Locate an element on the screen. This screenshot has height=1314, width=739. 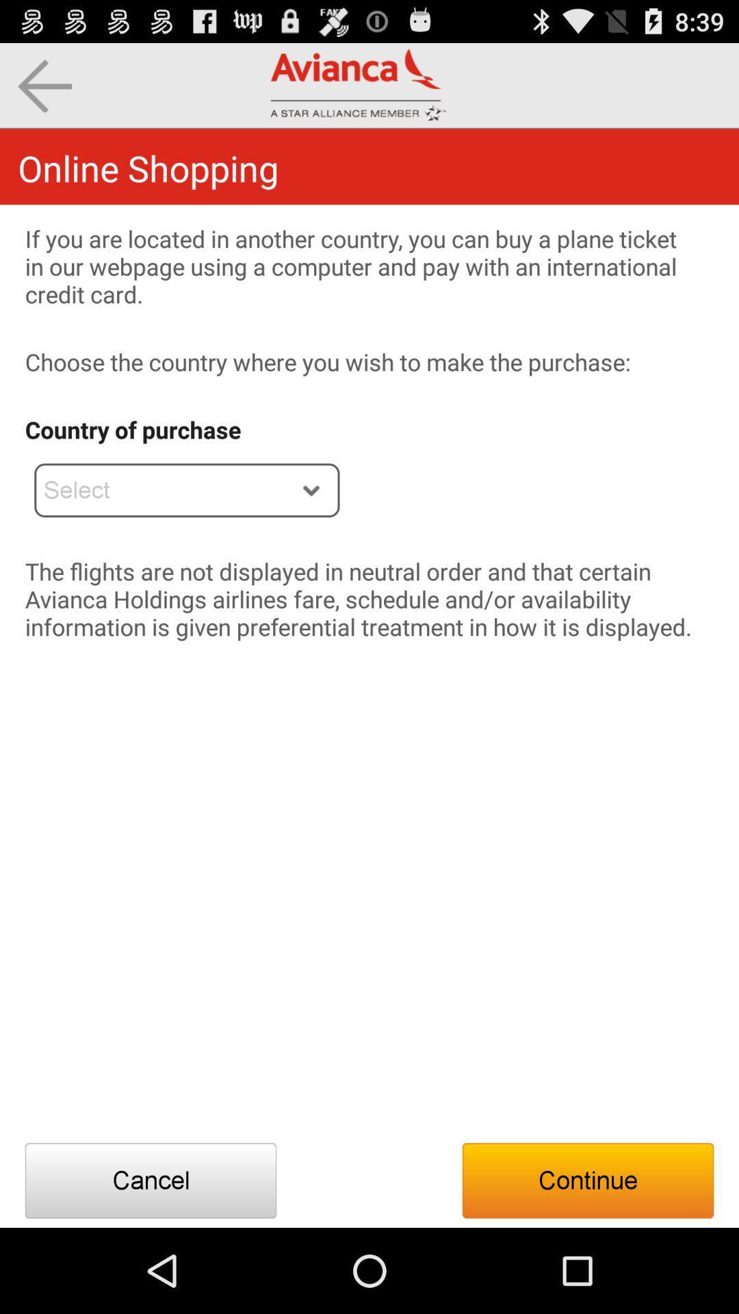
goes to the previous page is located at coordinates (44, 85).